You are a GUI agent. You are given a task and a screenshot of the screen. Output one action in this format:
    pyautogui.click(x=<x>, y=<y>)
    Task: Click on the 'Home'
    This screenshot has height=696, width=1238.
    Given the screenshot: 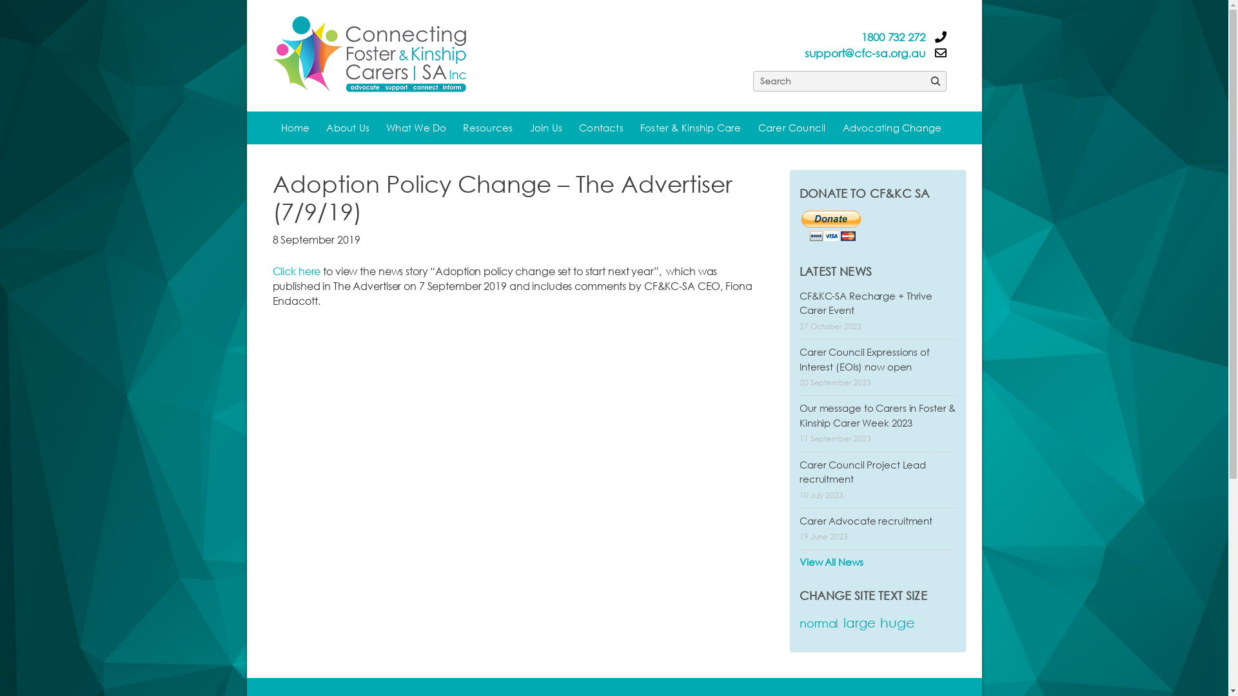 What is the action you would take?
    pyautogui.click(x=294, y=128)
    